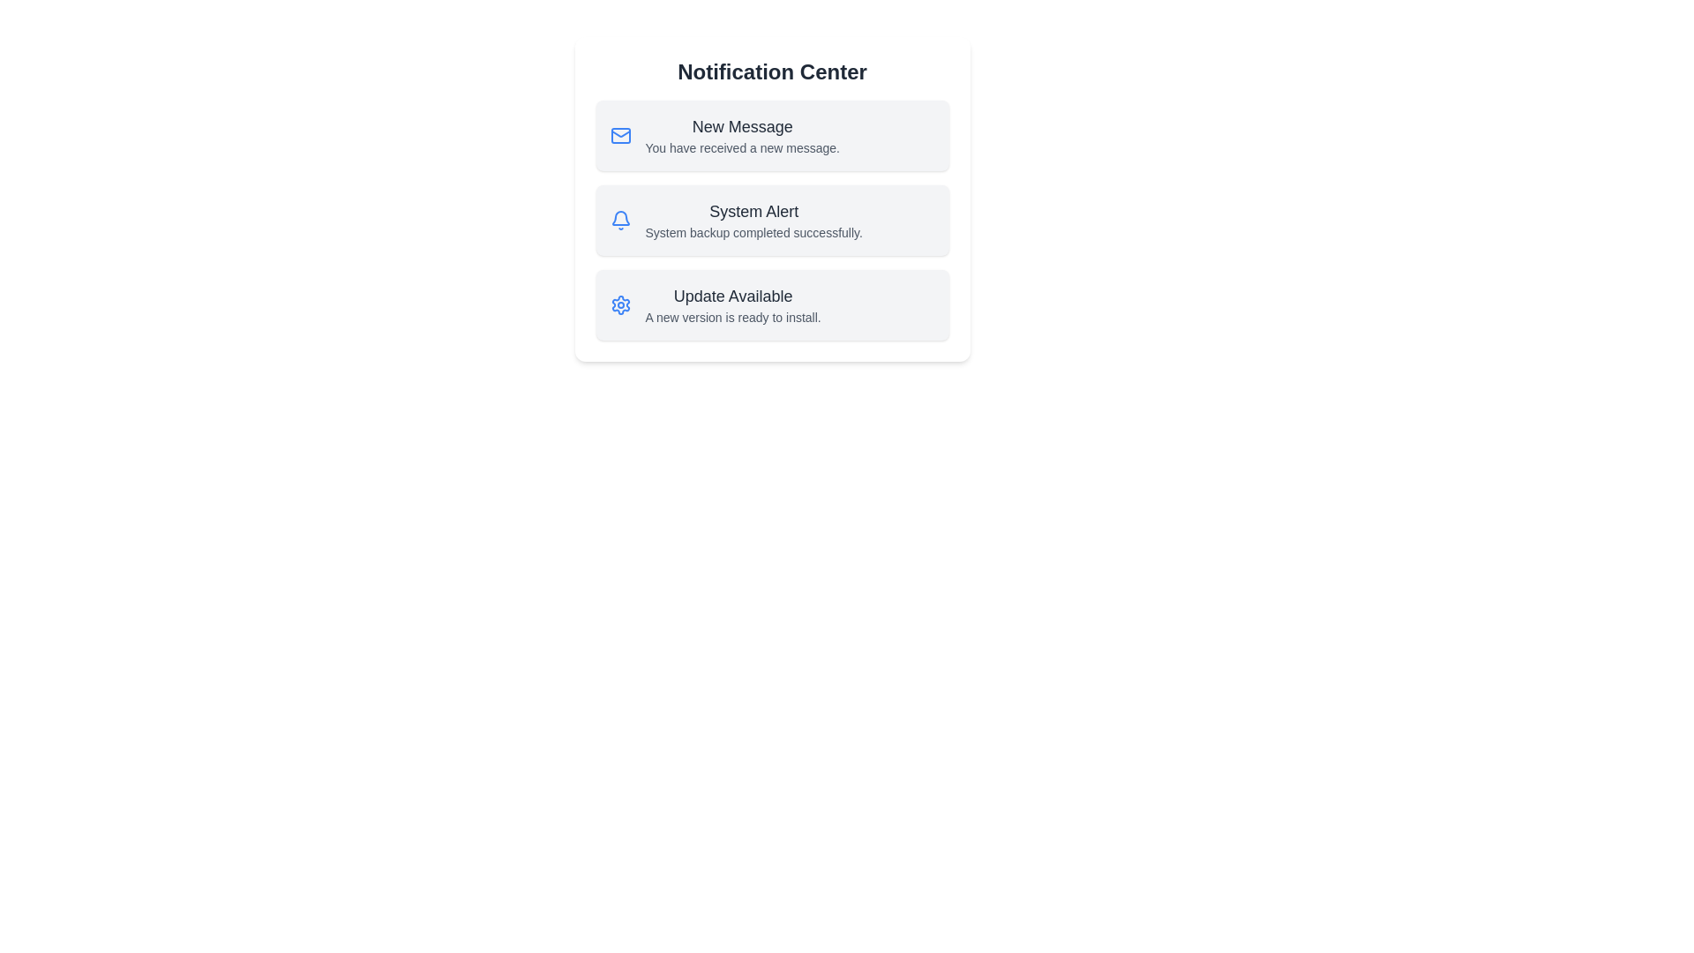 The image size is (1694, 953). Describe the element at coordinates (772, 199) in the screenshot. I see `the second notification block in the Notification Center that conveys the message 'System backup completed successfully.'` at that location.